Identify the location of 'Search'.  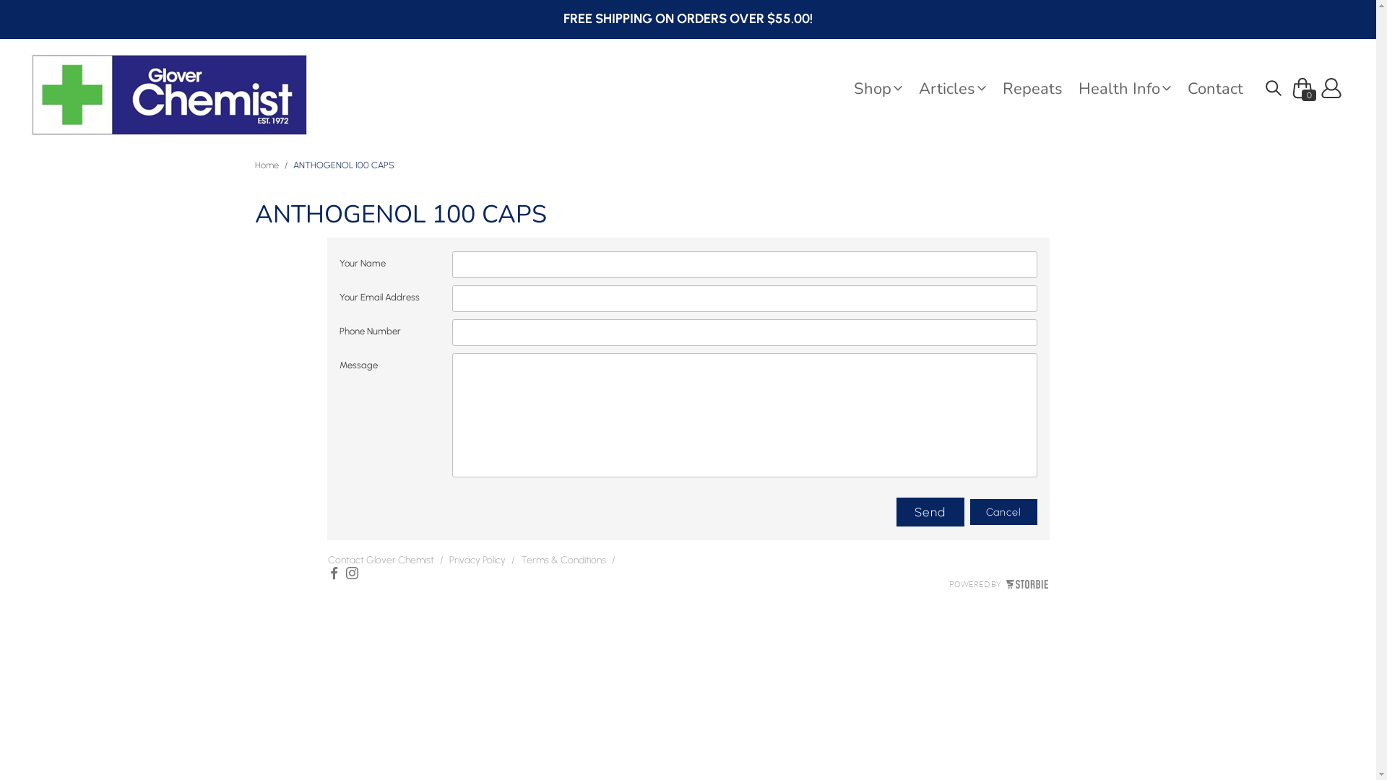
(1273, 88).